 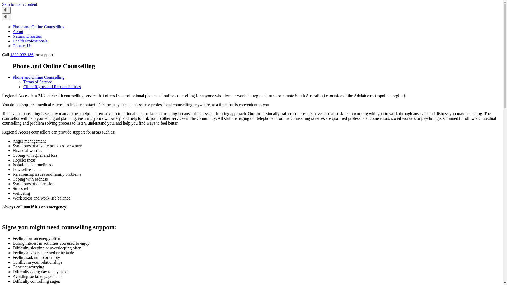 What do you see at coordinates (6, 10) in the screenshot?
I see `'Toggle High Contrast icon'` at bounding box center [6, 10].